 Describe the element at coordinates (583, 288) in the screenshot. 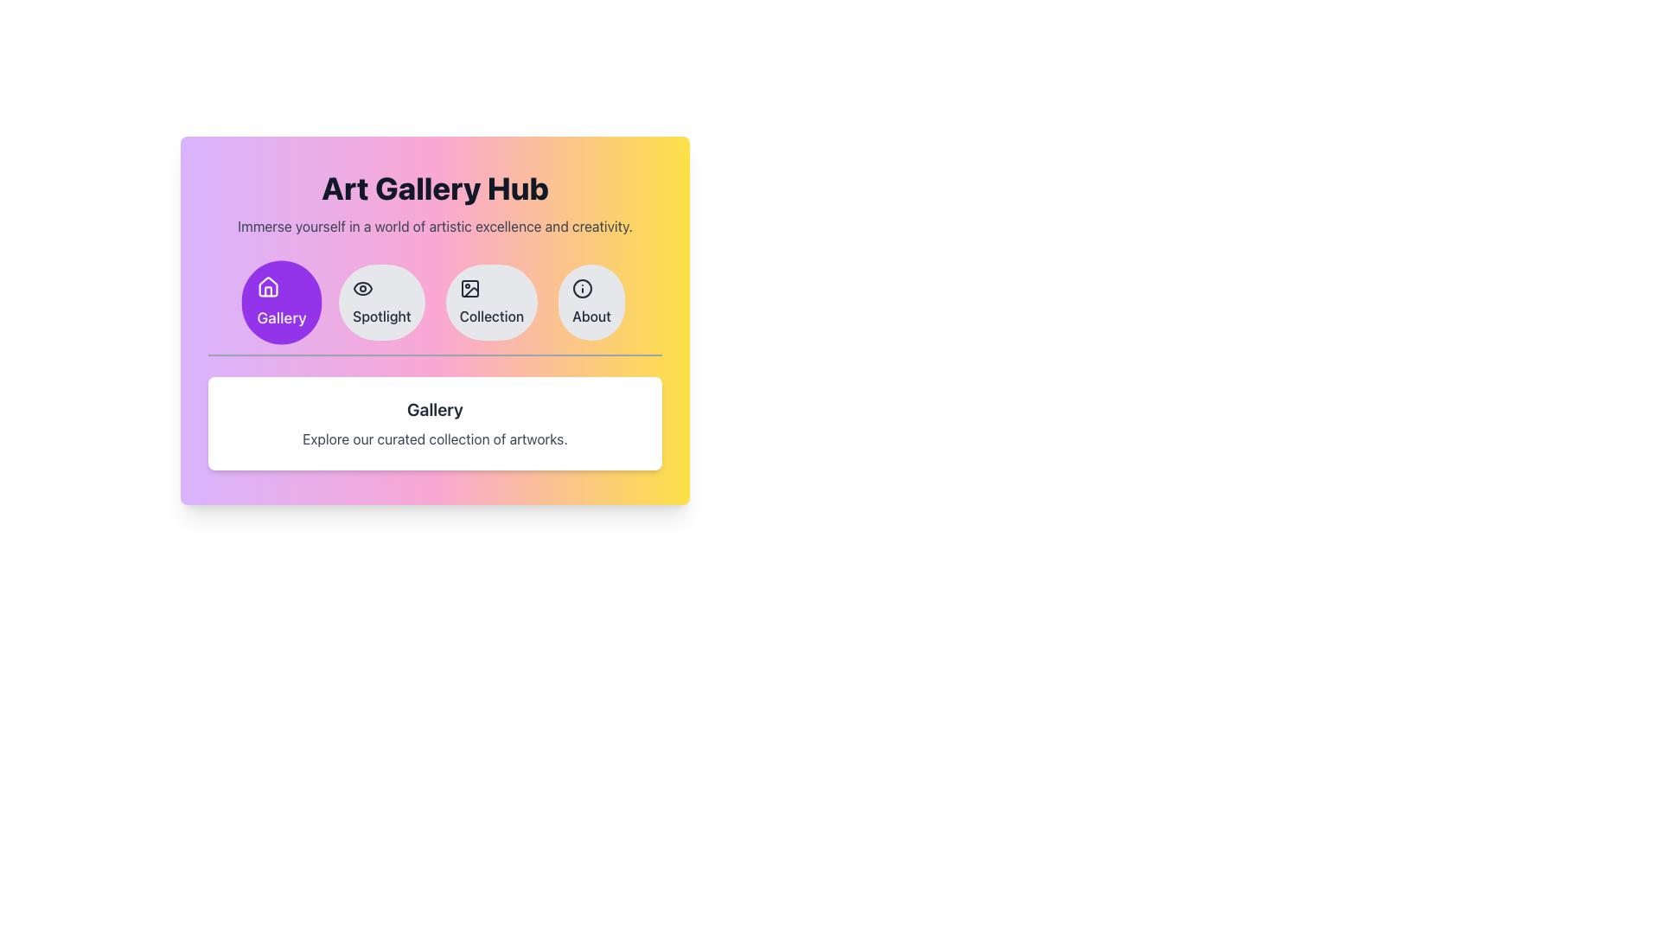

I see `the icon within the 'About' button, located at the far-right of the four circular buttons under 'Art Gallery Hub'` at that location.